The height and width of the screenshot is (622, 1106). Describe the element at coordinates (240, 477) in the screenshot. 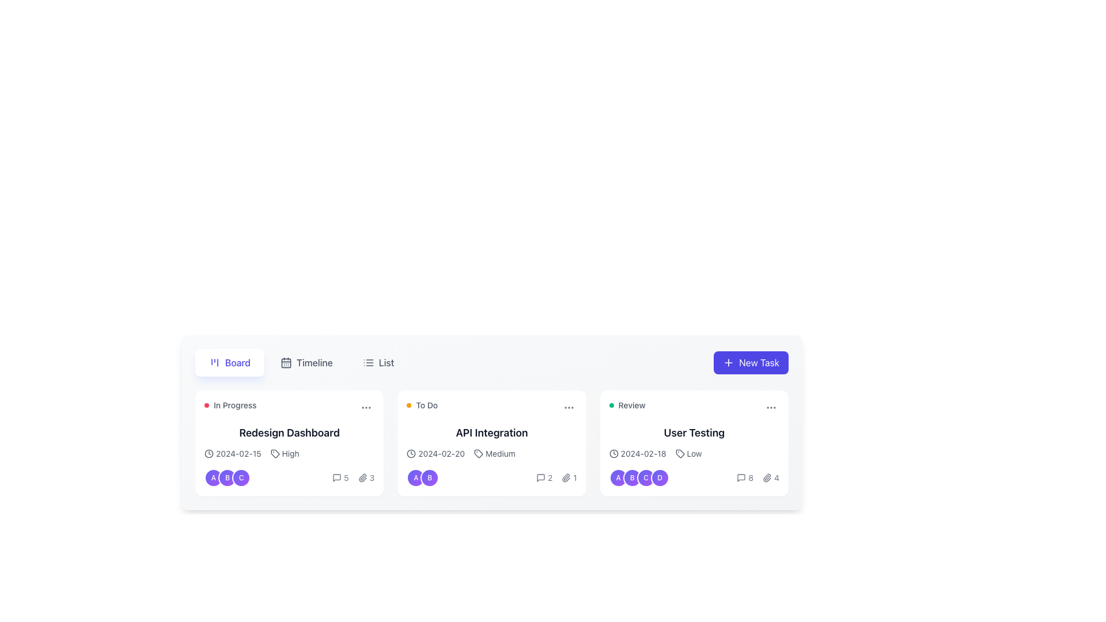

I see `the Profile identifier badge, which is the third circular badge representing a user or group associated with the 'In Progress' task card, located at the bottom section of the card` at that location.